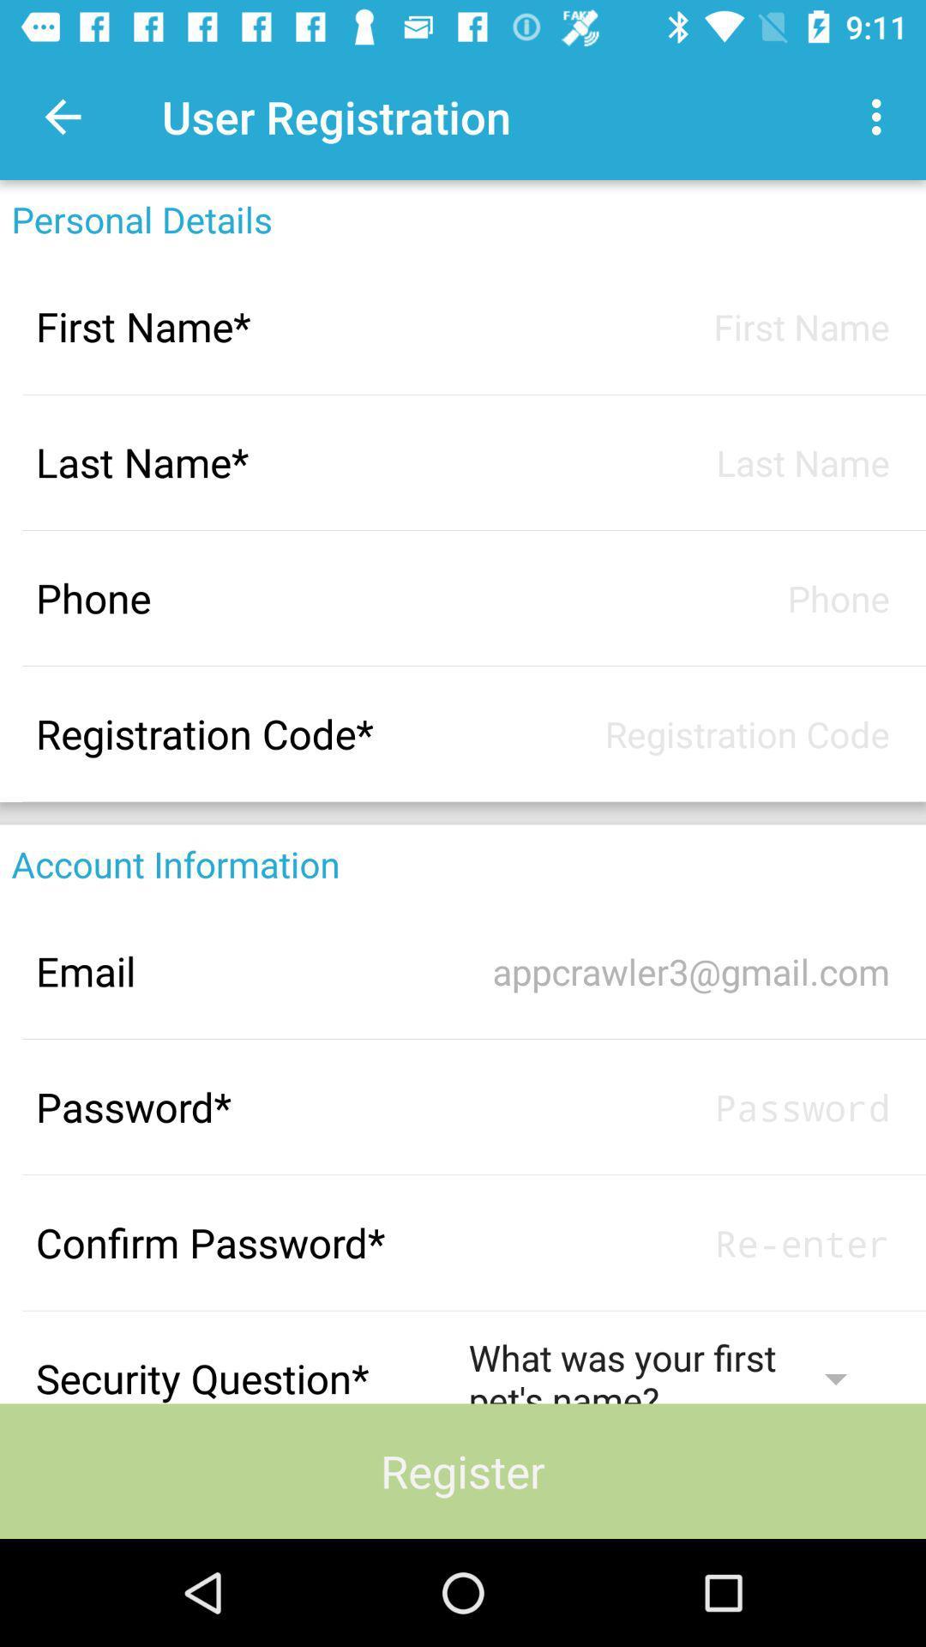 The width and height of the screenshot is (926, 1647). Describe the element at coordinates (678, 1107) in the screenshot. I see `the password` at that location.